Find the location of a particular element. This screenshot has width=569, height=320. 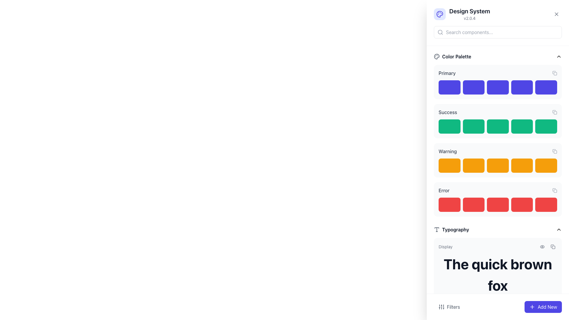

the second red block is located at coordinates (473, 204).